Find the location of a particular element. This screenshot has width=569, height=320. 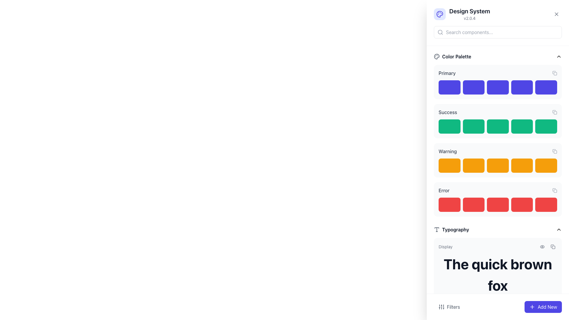

the second red block is located at coordinates (473, 204).